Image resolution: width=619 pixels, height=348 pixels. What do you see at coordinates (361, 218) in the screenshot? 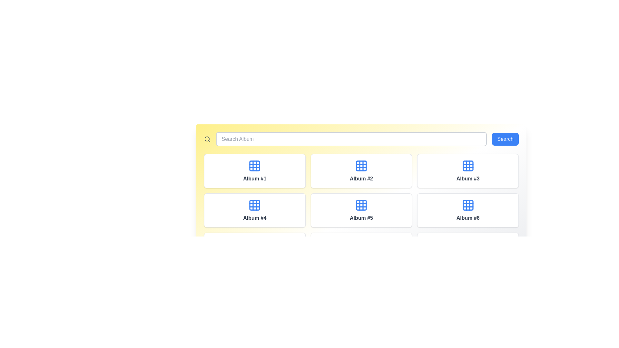
I see `the text label displaying 'Album #5' which is located in the bottom-right quadrant of a grid layout, part of a card in the second row, third column` at bounding box center [361, 218].